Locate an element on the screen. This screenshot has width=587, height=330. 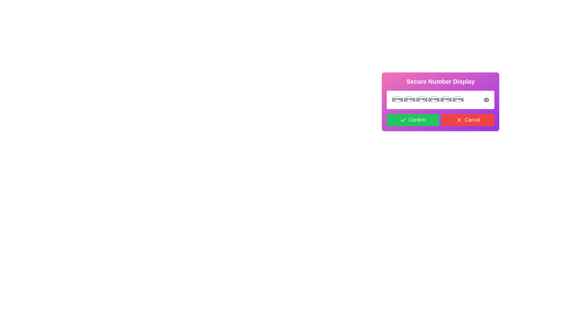
the checkmark icon located to the left of the 'Confirm' text within the green 'Confirm' button in the modal dialog is located at coordinates (403, 120).